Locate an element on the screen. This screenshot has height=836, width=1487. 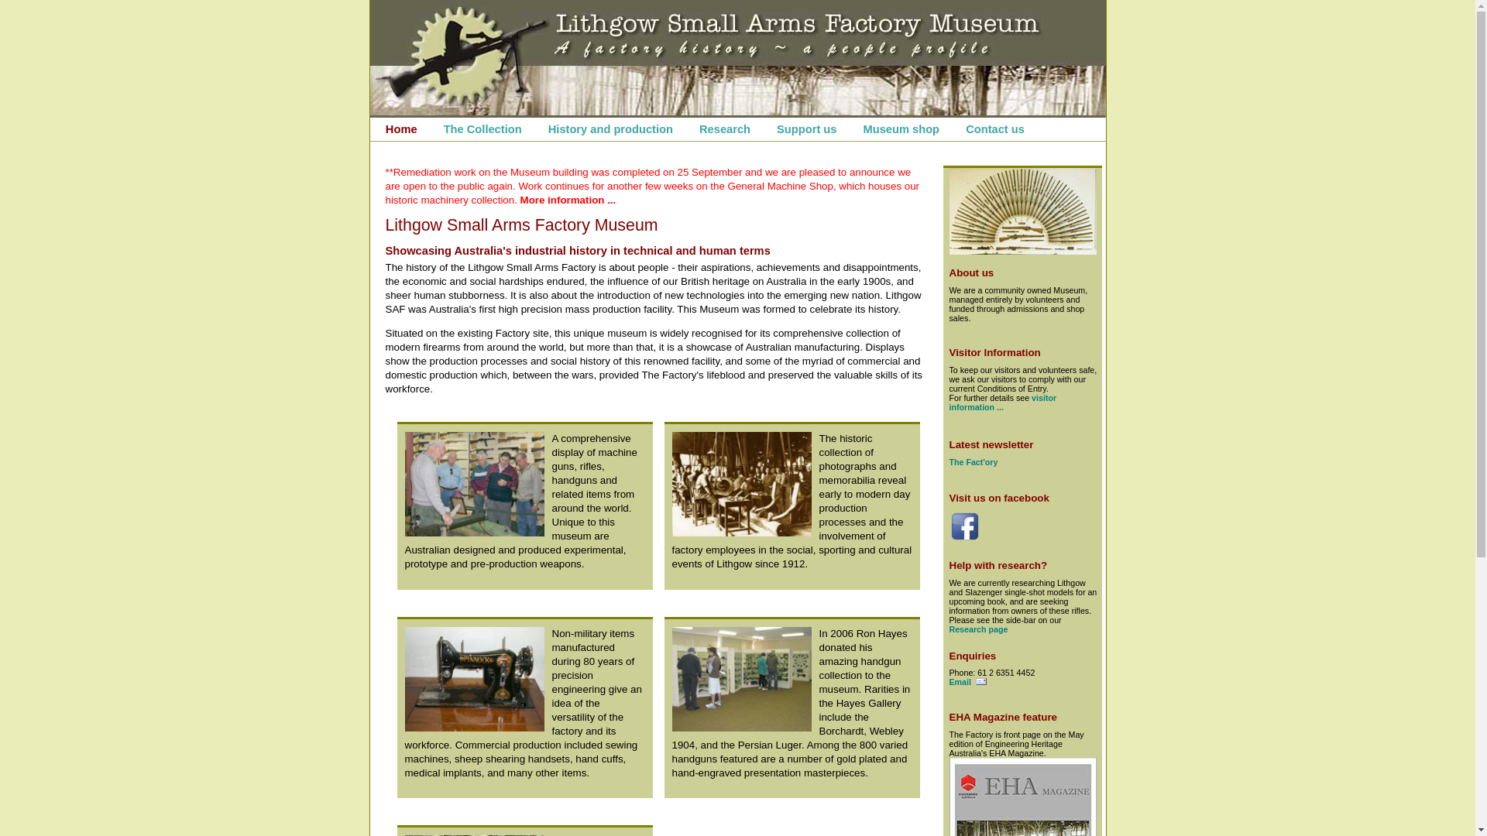
'The Fact'ory' is located at coordinates (973, 461).